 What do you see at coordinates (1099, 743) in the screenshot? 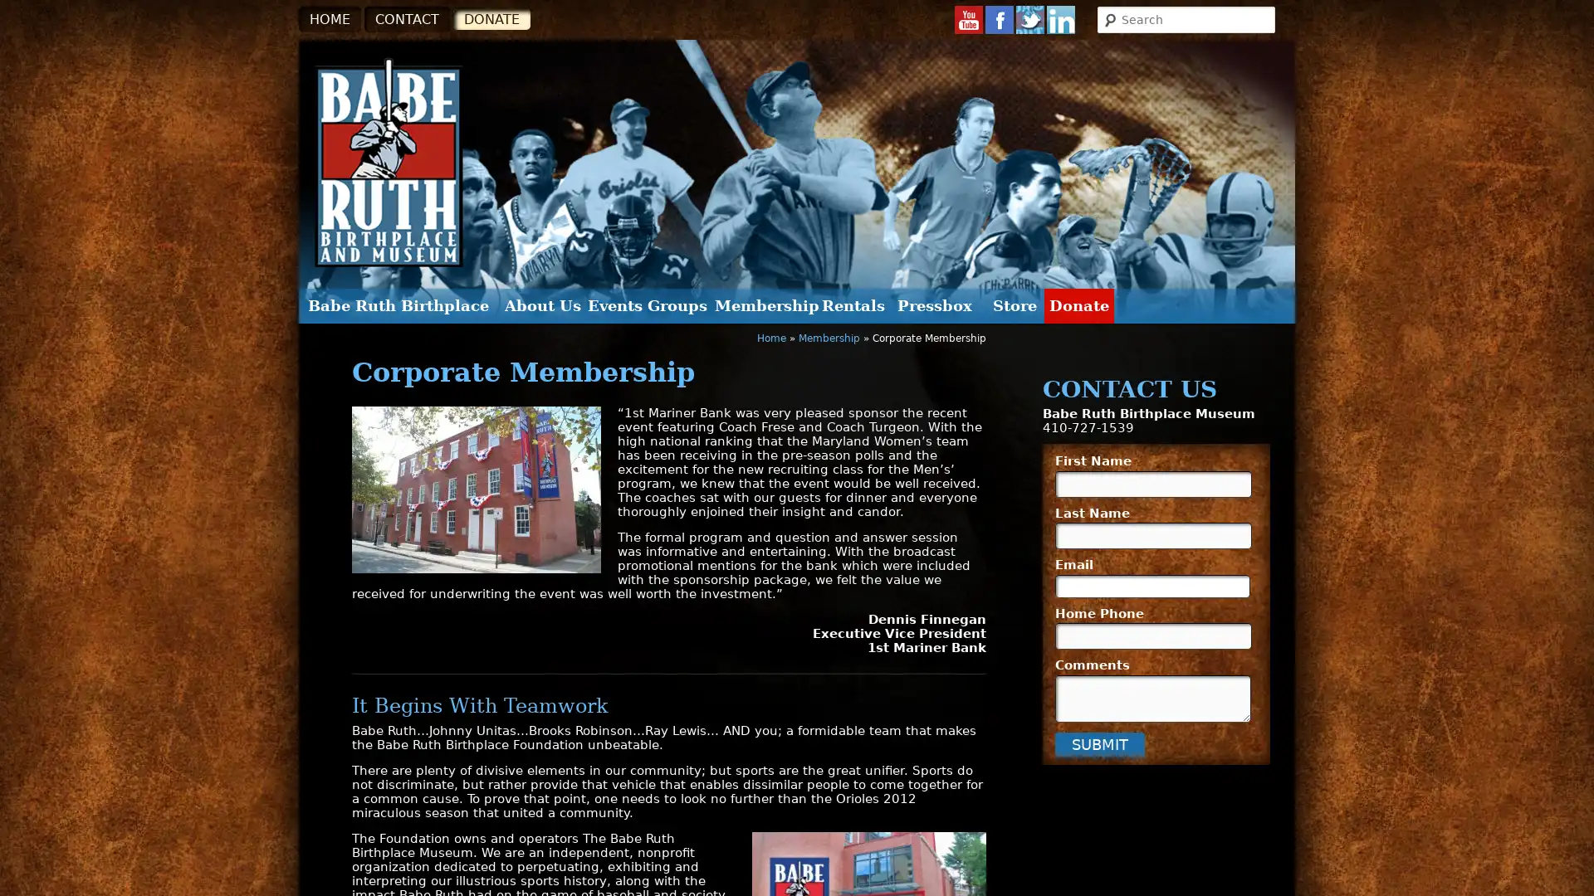
I see `SUBMIT` at bounding box center [1099, 743].